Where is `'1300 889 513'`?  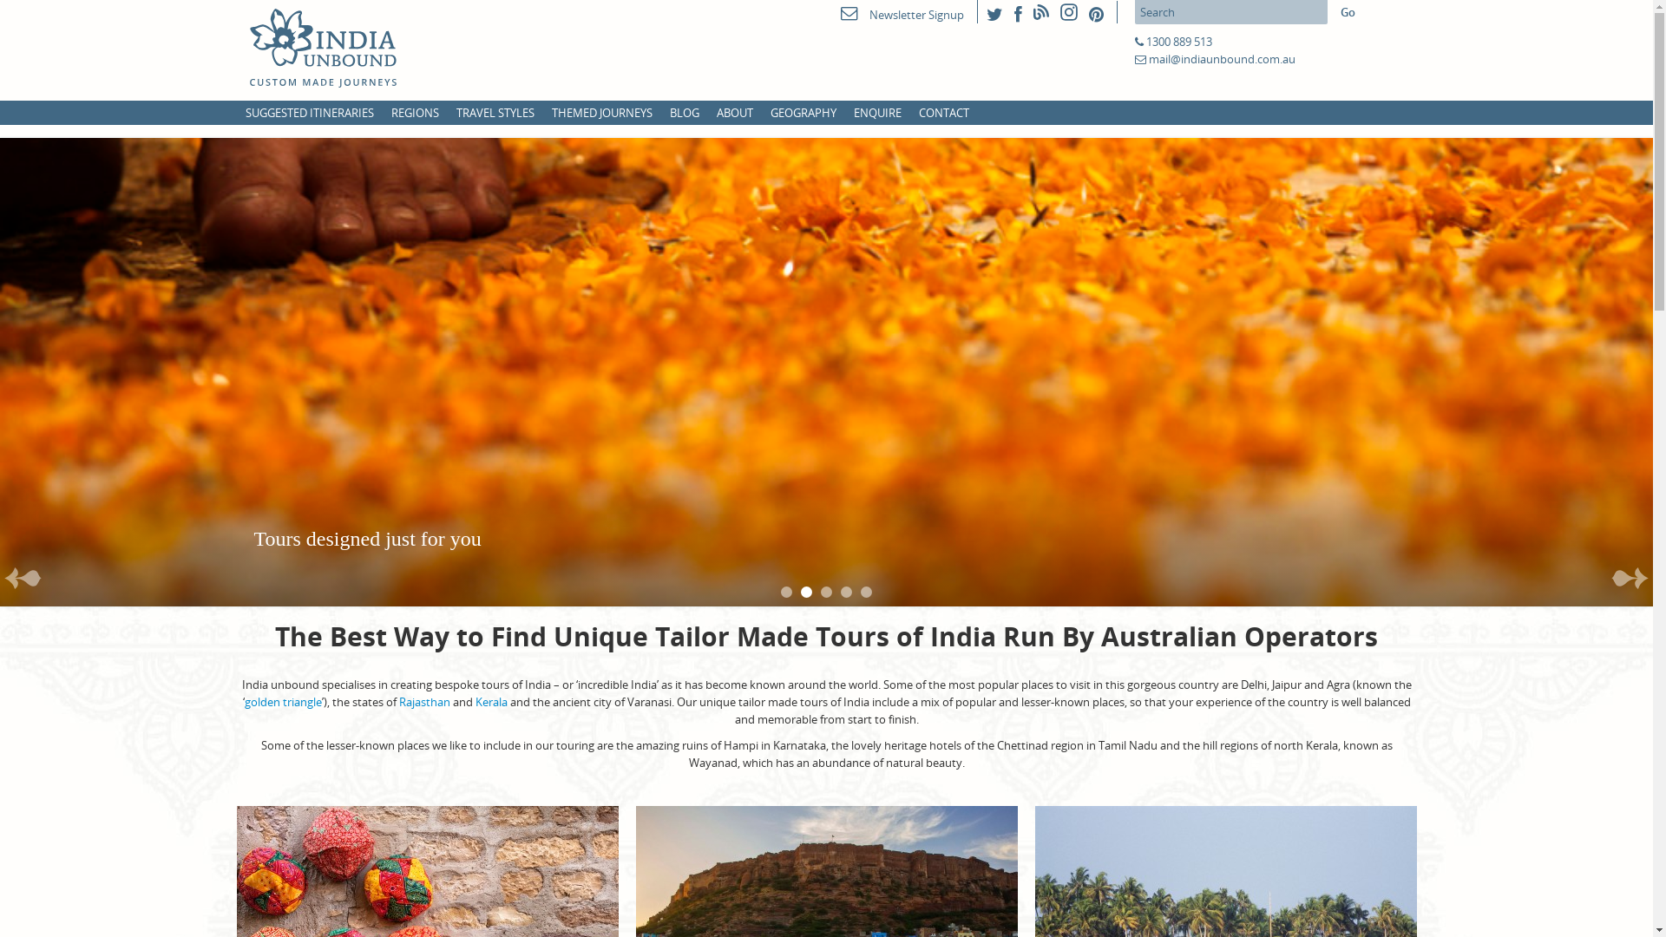 '1300 889 513' is located at coordinates (1178, 40).